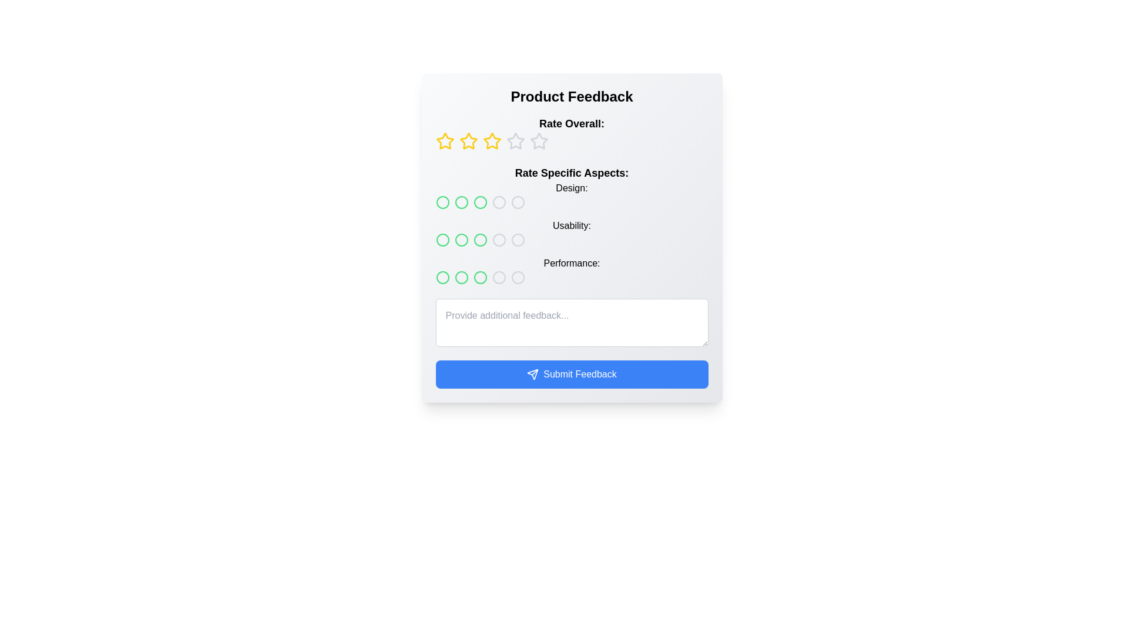  What do you see at coordinates (572, 173) in the screenshot?
I see `the Text label that serves as a heading for the section containing ratings like 'Design:', 'Usability:', and 'Performance:', positioned directly below the 'Rate Overall:' section` at bounding box center [572, 173].